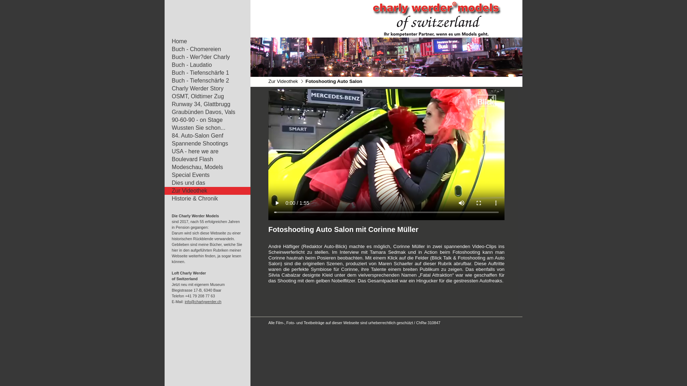  I want to click on 'Charly Werder Story', so click(204, 88).